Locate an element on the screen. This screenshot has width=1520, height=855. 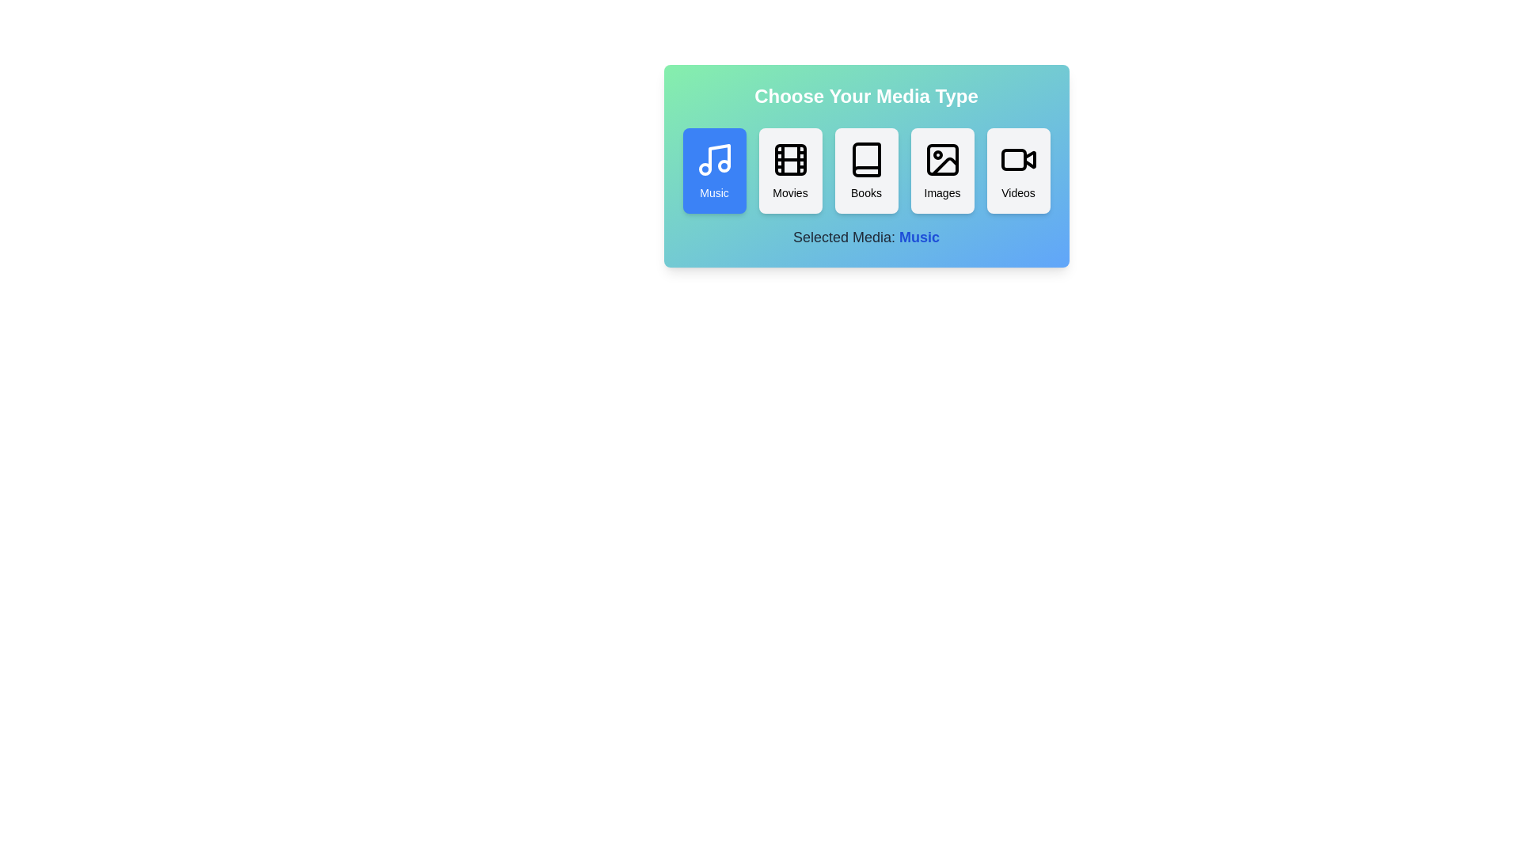
the button corresponding to the media type Books is located at coordinates (865, 171).